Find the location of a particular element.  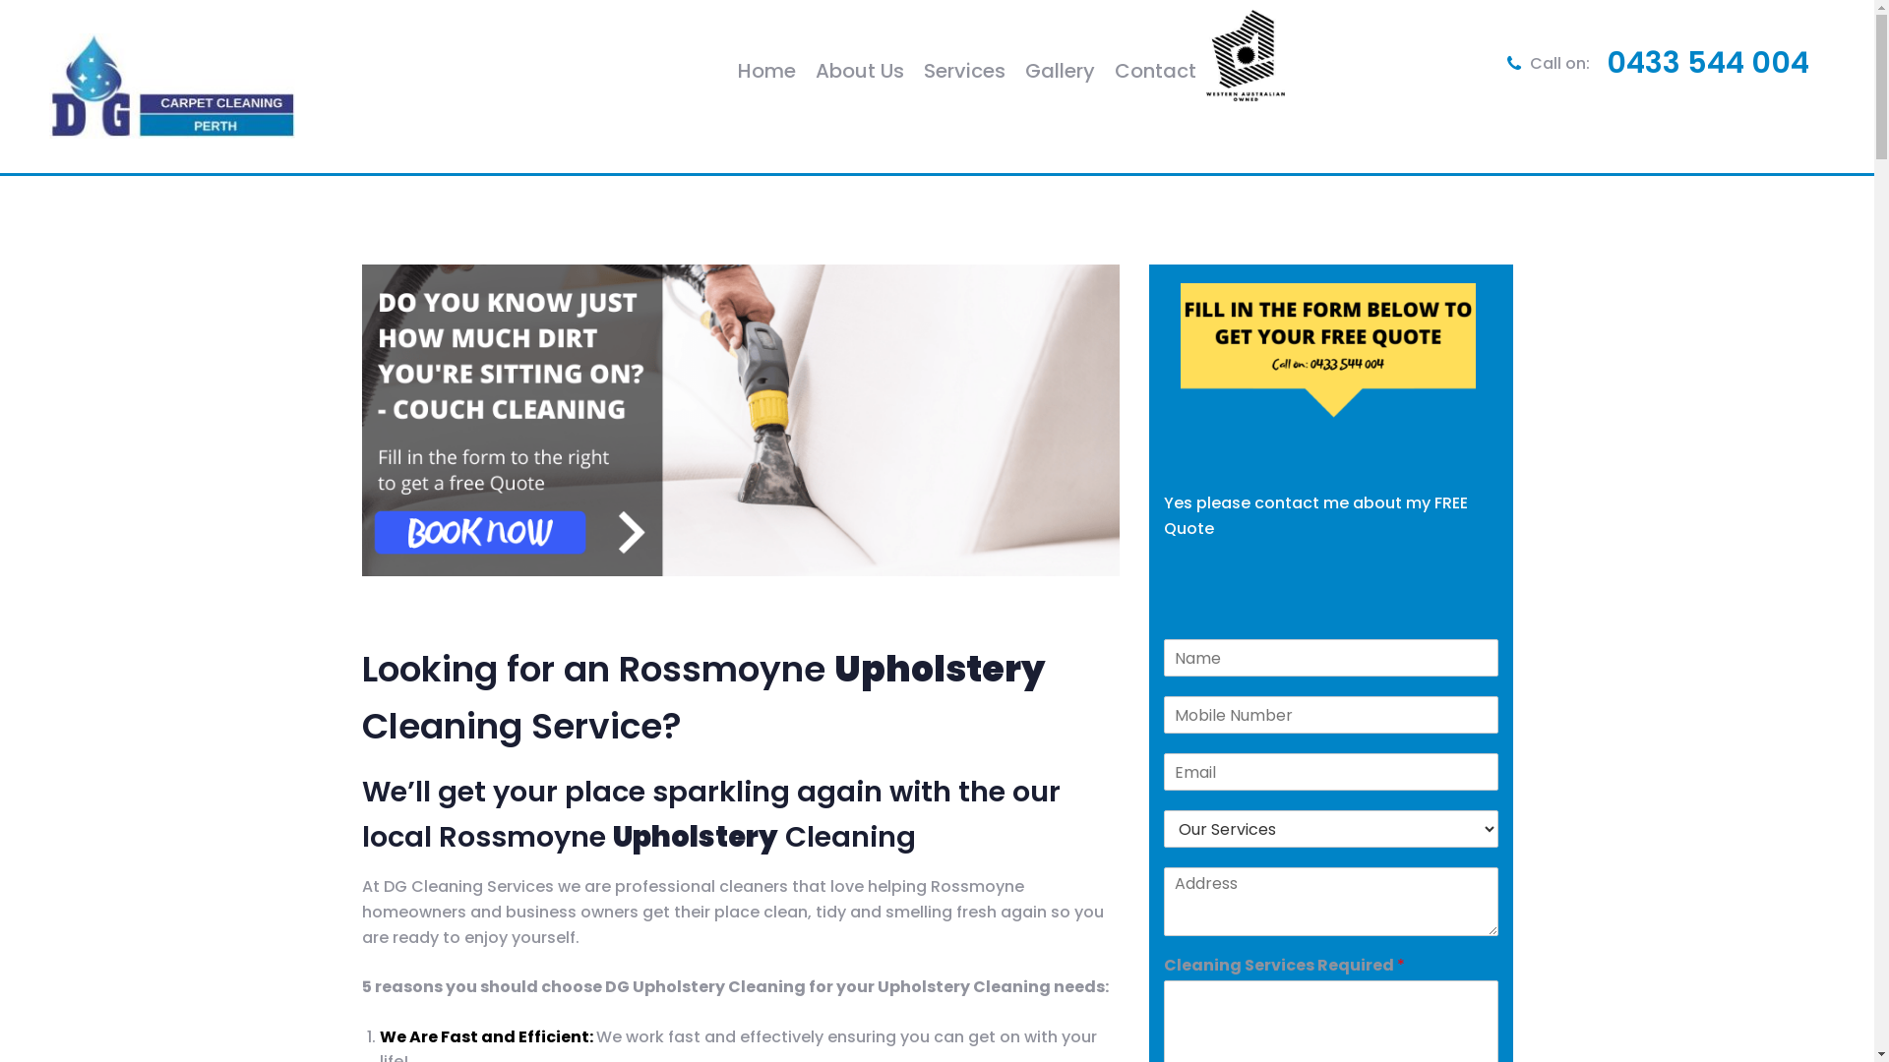

'DG Cleaning Services' is located at coordinates (171, 85).